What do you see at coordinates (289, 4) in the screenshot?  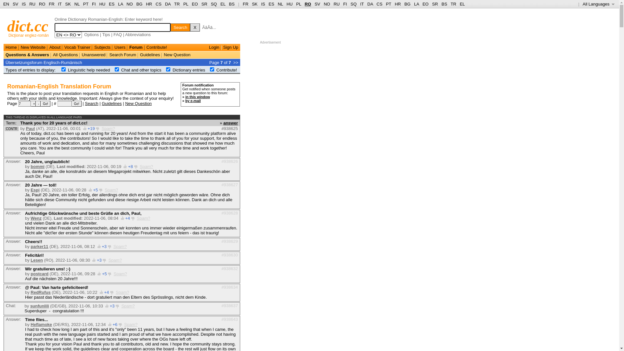 I see `'HU'` at bounding box center [289, 4].